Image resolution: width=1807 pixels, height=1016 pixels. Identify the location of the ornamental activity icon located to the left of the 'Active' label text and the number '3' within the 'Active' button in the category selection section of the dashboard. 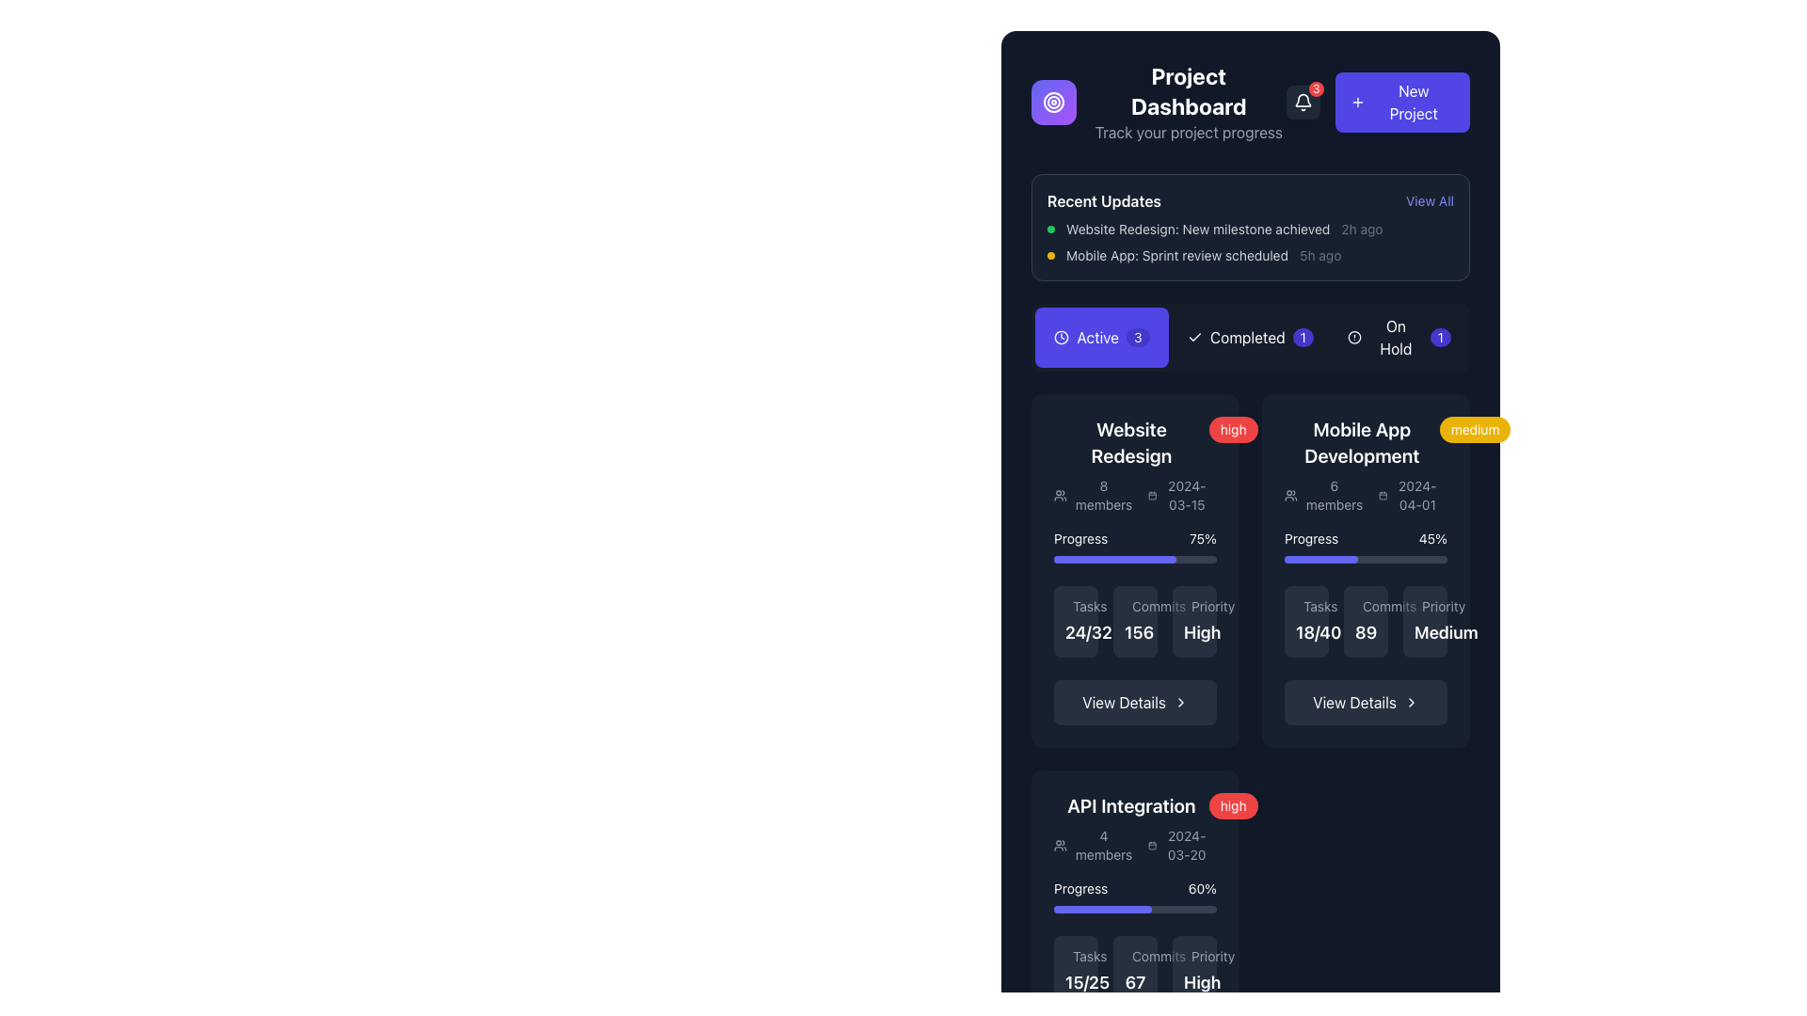
(1062, 336).